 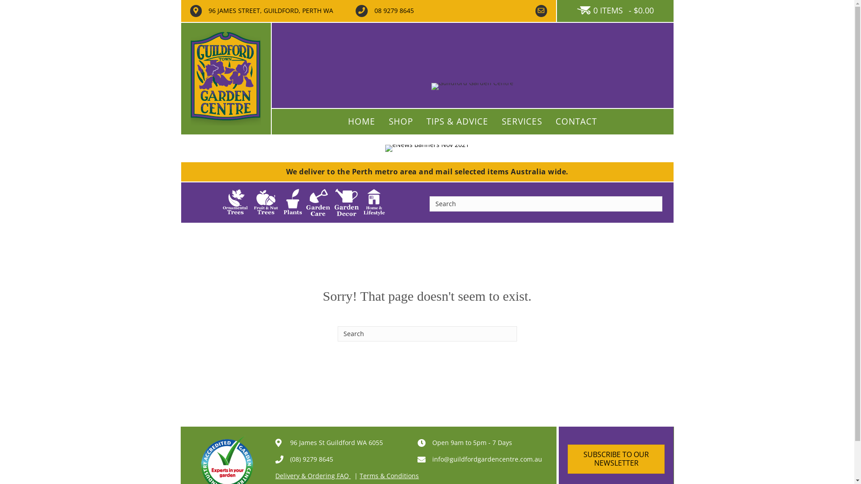 What do you see at coordinates (419, 122) in the screenshot?
I see `'TIPS & ADVICE'` at bounding box center [419, 122].